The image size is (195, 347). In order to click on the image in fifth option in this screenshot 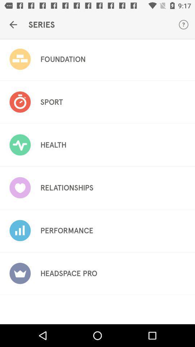, I will do `click(20, 230)`.